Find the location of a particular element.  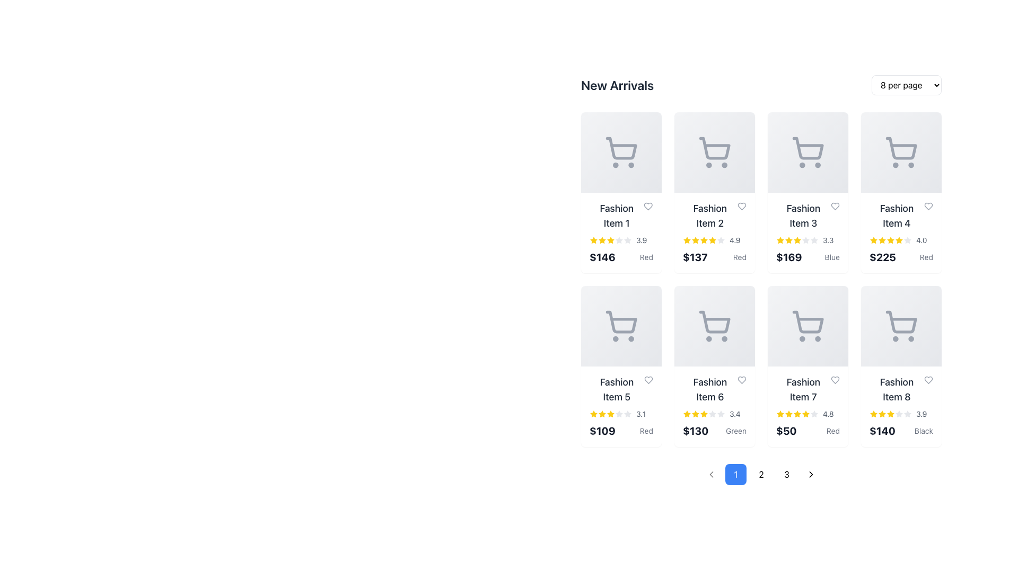

the second product card is located at coordinates (715, 192).